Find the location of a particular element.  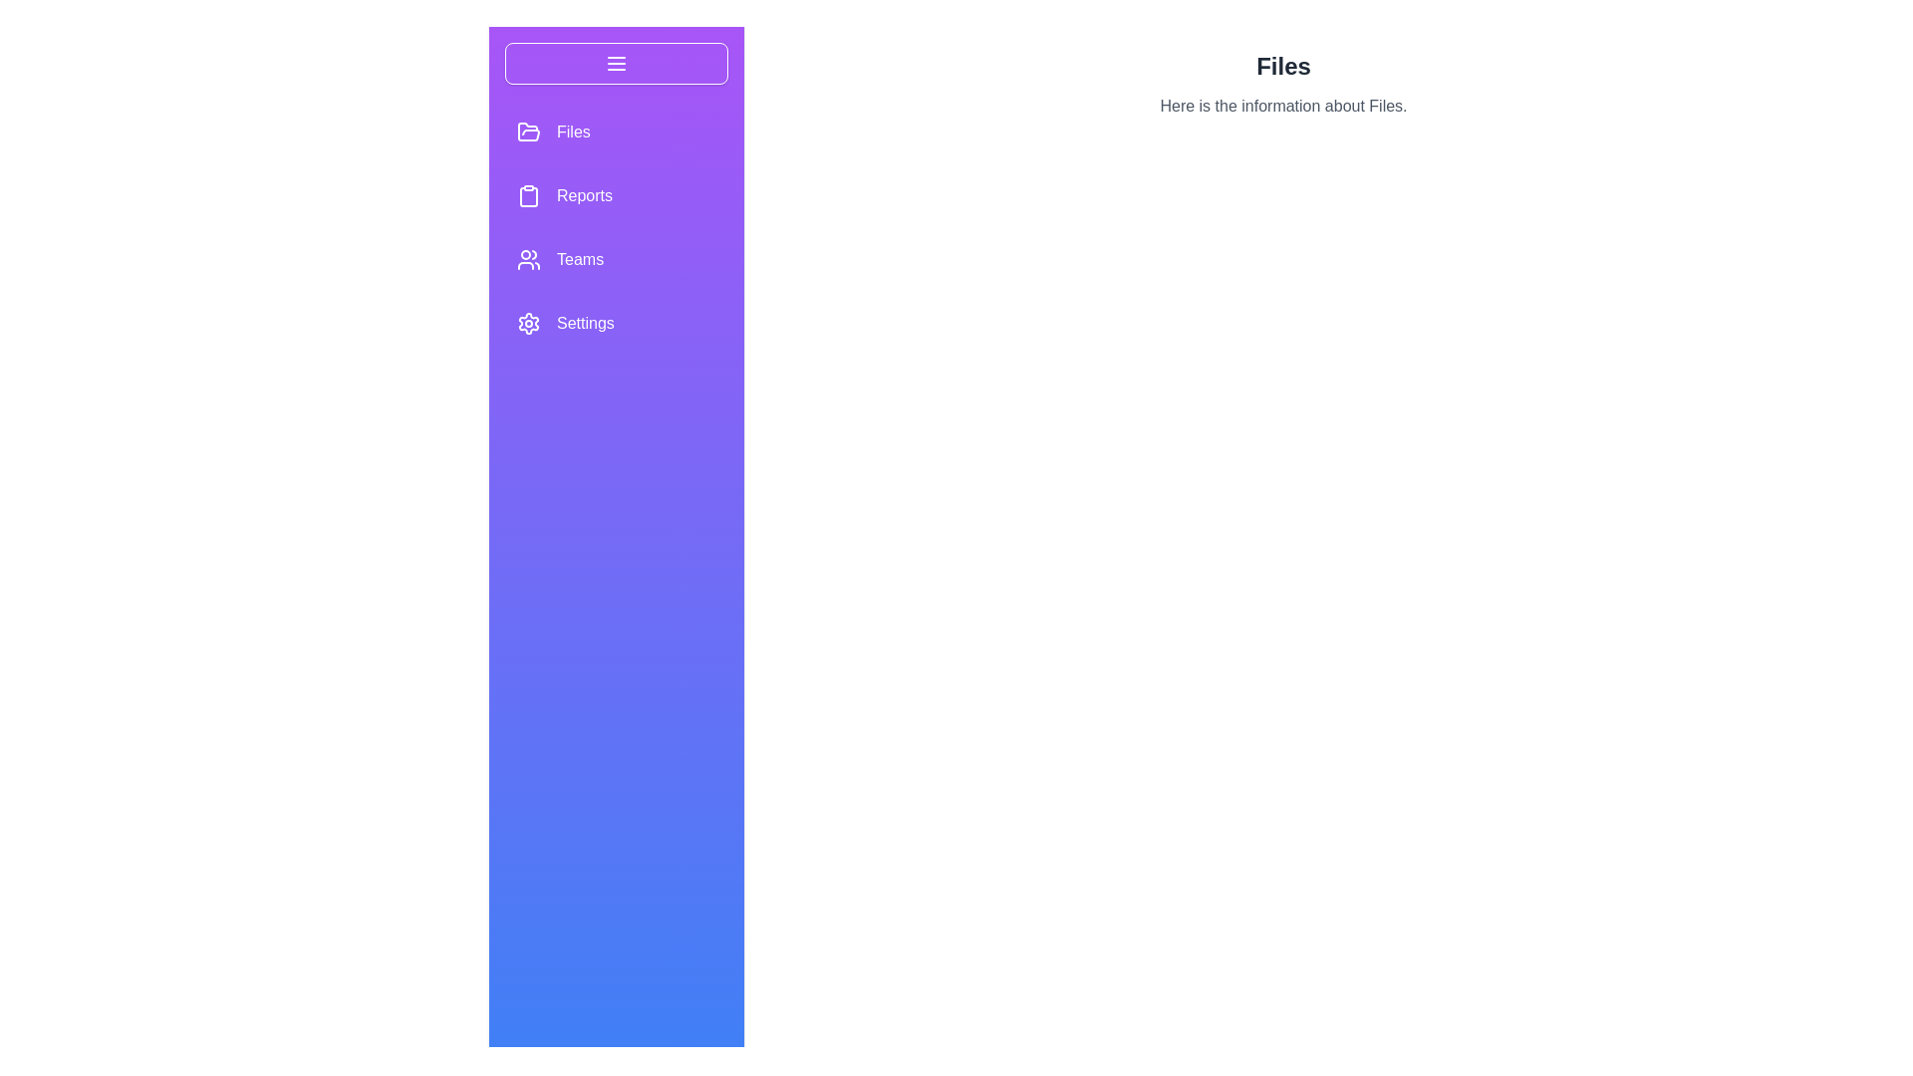

the menu option Teams by clicking on its corresponding area is located at coordinates (616, 259).